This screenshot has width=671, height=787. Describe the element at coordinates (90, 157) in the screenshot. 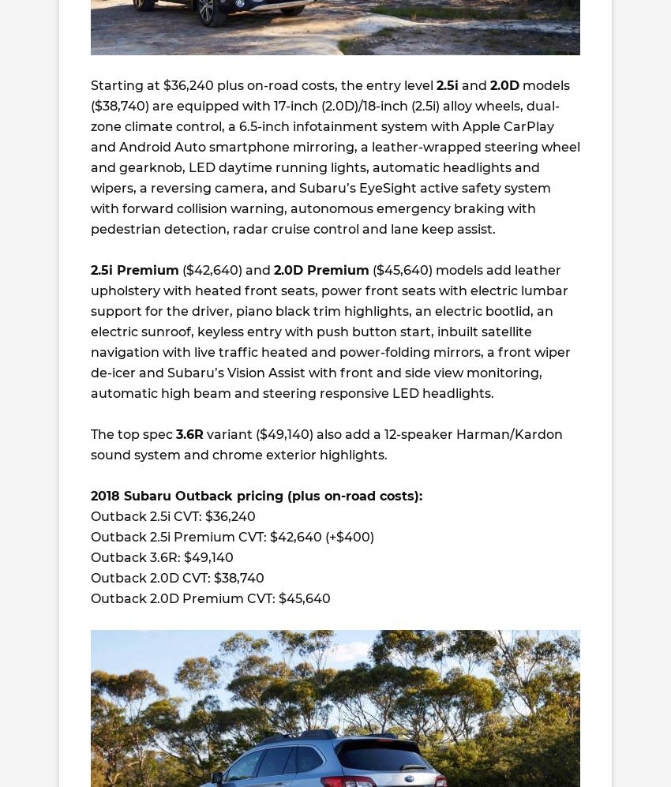

I see `'models ($38,740) are equipped with 17-inch (2.0D)/18-inch (2.5i) alloy wheels, dual-zone climate control, a 6.5-inch infotainment system with Apple CarPlay and Android Auto smartphone mirroring, a leather-wrapped steering wheel and gearknob, LED daytime running lights, automatic headlights and wipers, a reversing camera, and Subaru’s EyeSight active safety system with forward collision warning, autonomous emergency braking with pedestrian detection, radar cruise control and lane keep assist.'` at that location.